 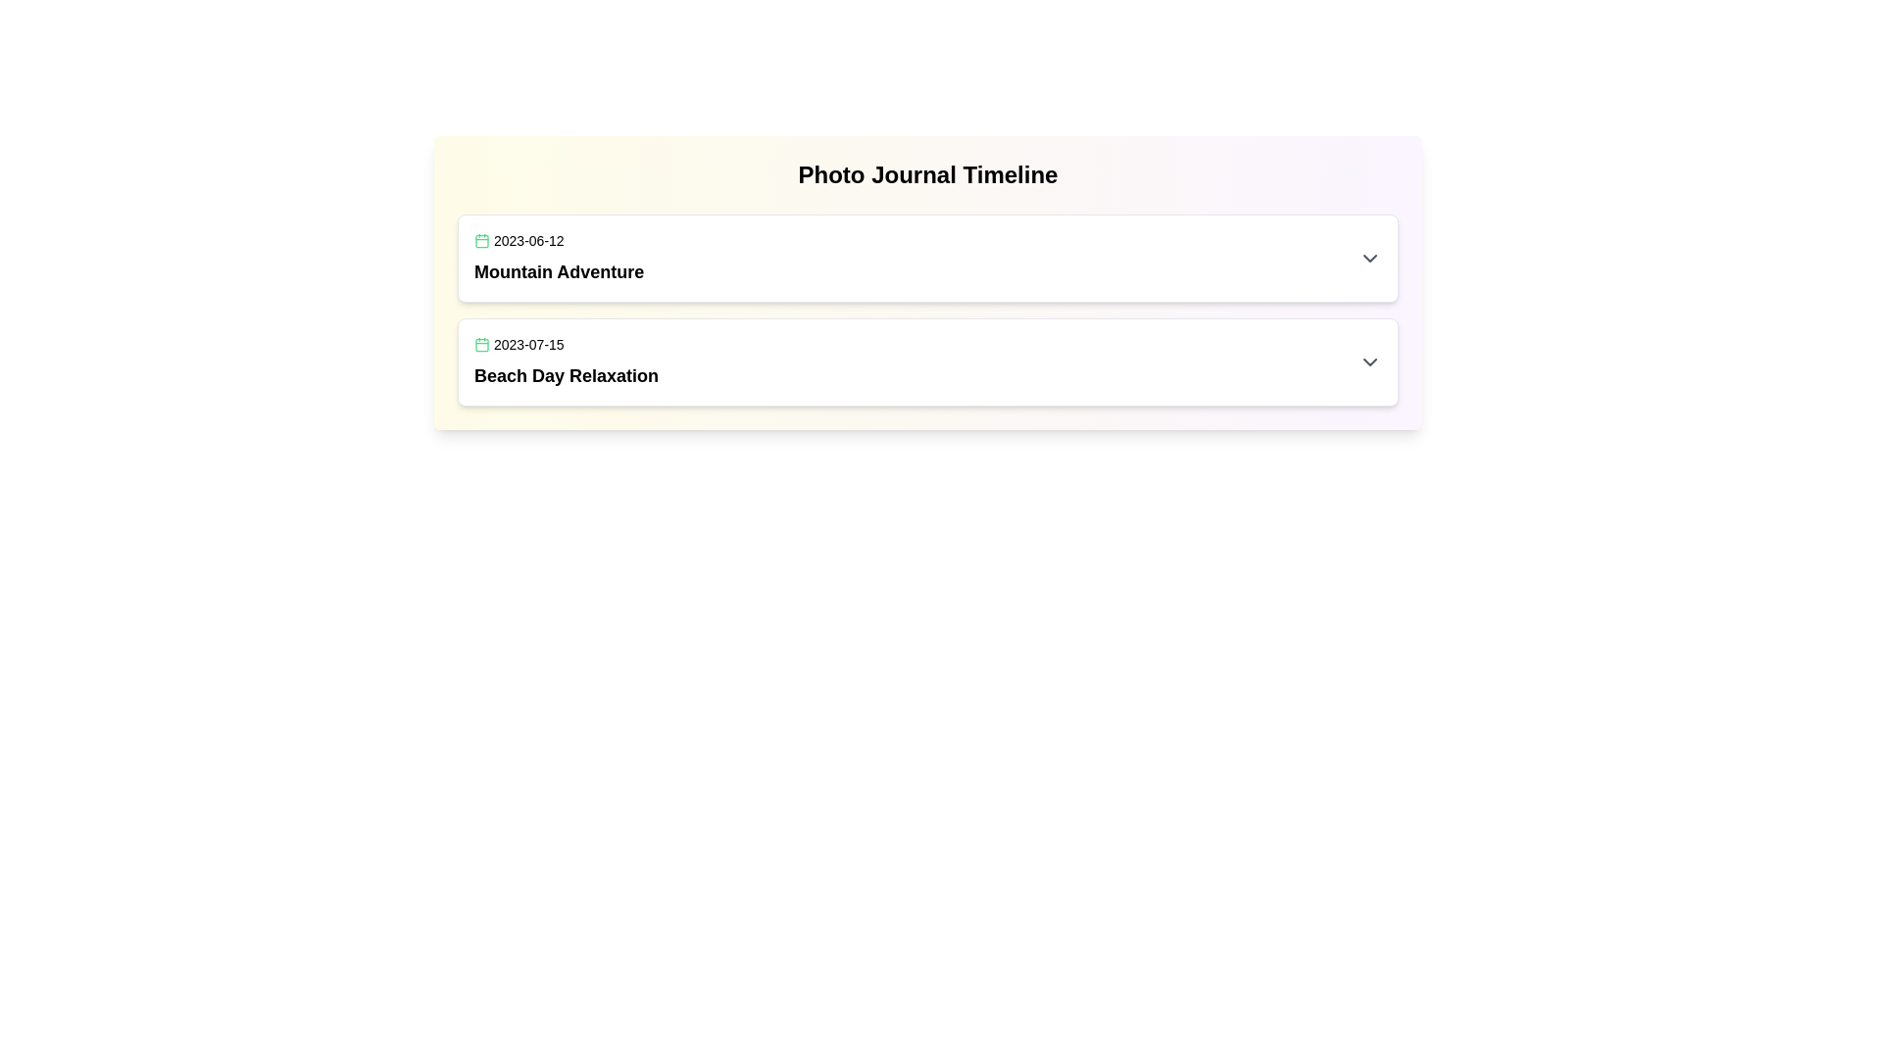 I want to click on the calendar icon styled with green accents, which is located to the left of the timestamp '2023-07-15' in the Photo Journal Timeline, so click(x=481, y=343).